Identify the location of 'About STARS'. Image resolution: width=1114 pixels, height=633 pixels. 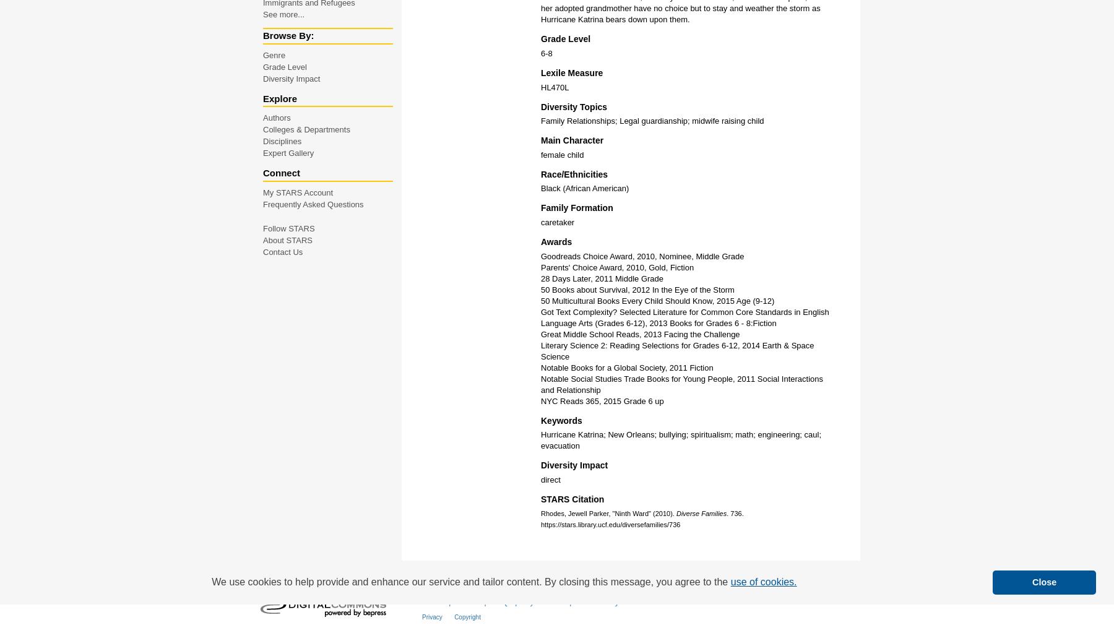
(262, 239).